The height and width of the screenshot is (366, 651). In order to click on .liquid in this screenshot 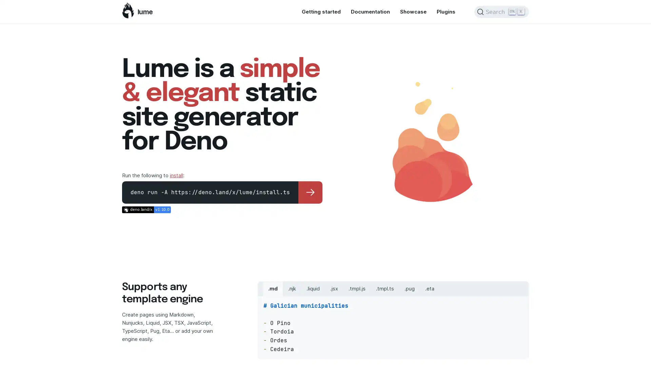, I will do `click(313, 288)`.